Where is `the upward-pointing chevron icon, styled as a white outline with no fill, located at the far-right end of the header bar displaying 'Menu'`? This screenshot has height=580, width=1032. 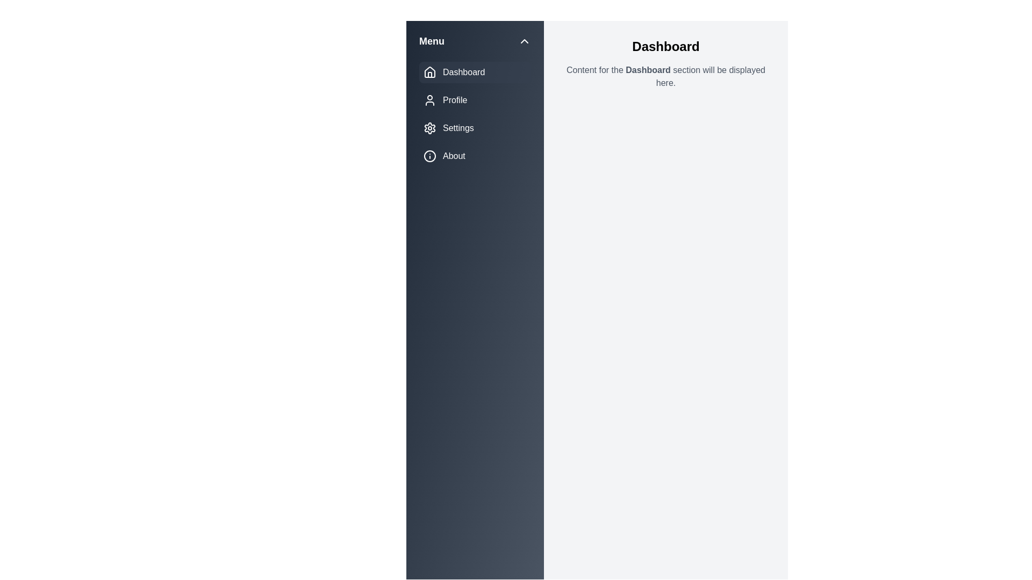
the upward-pointing chevron icon, styled as a white outline with no fill, located at the far-right end of the header bar displaying 'Menu' is located at coordinates (524, 41).